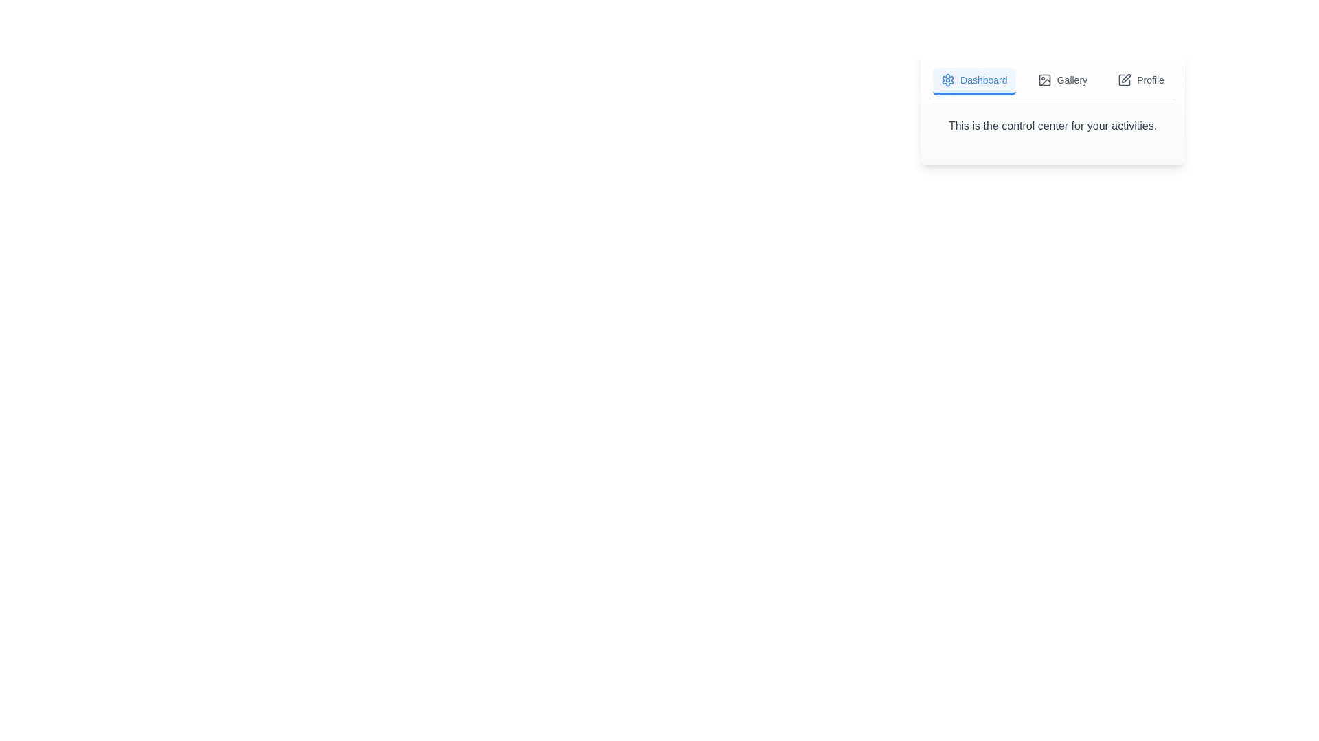  I want to click on the Gallery tab, so click(1061, 82).